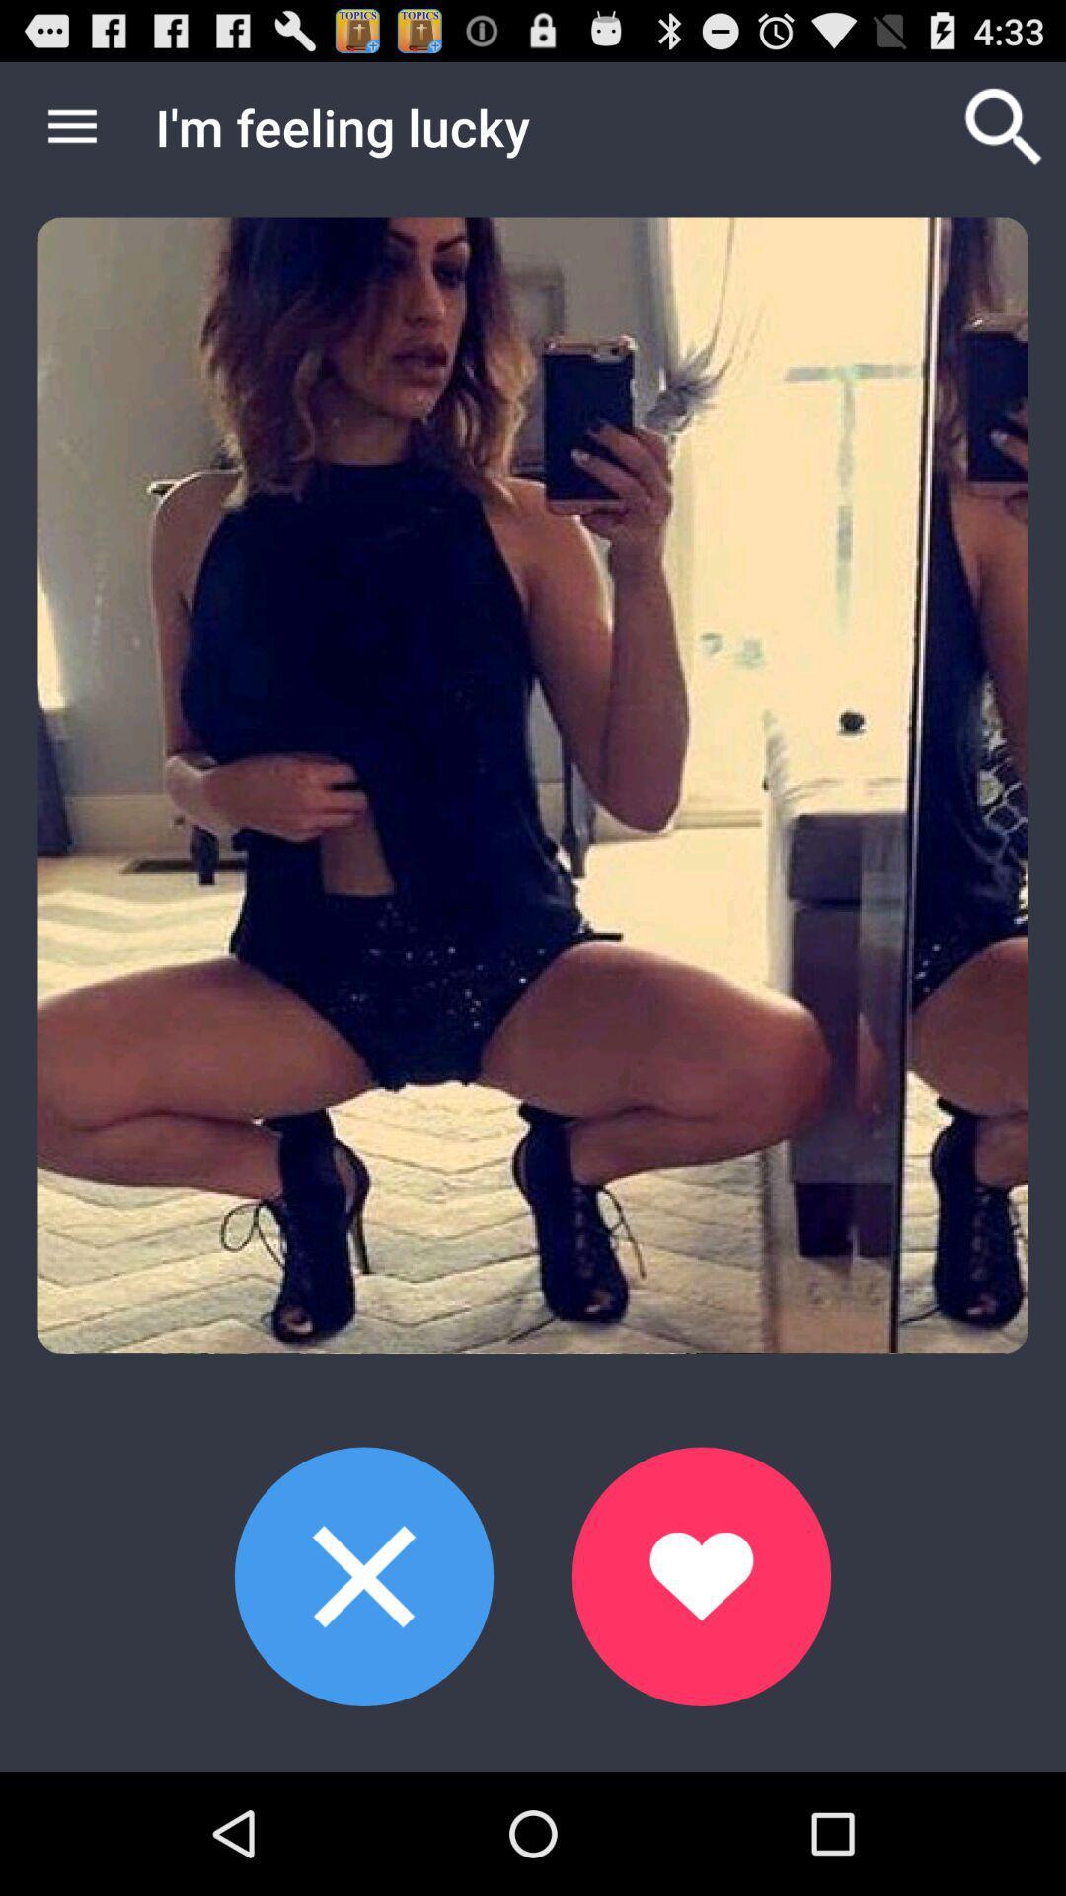  I want to click on photo, so click(364, 1575).